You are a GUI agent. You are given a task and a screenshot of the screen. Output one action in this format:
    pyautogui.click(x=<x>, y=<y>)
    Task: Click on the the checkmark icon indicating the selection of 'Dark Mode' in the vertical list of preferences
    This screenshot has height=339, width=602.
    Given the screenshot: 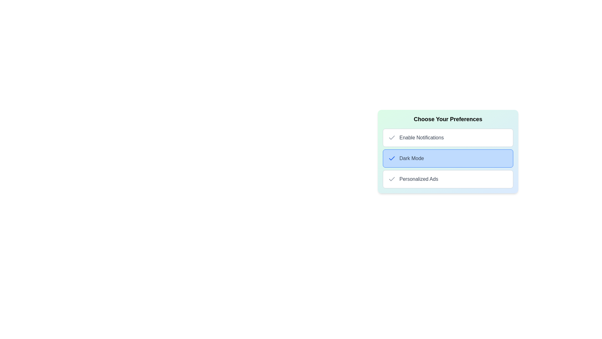 What is the action you would take?
    pyautogui.click(x=391, y=158)
    